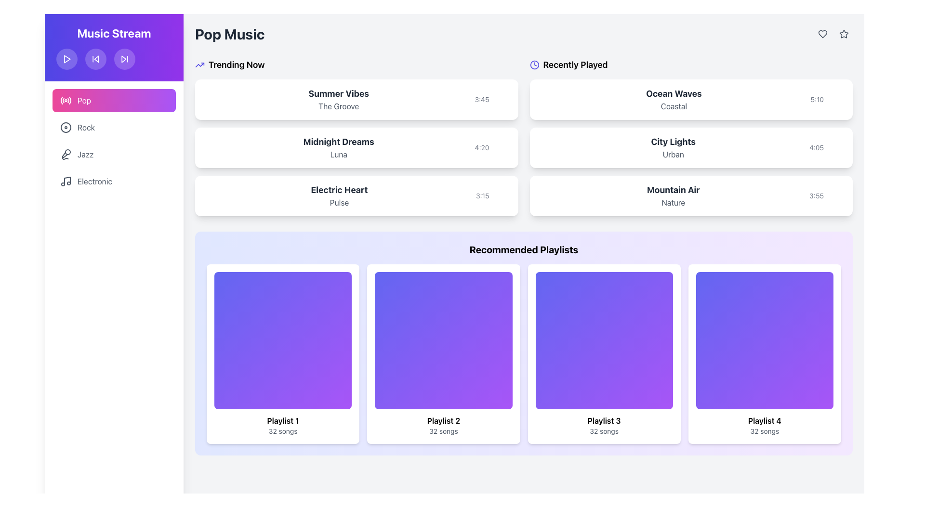 The image size is (925, 520). I want to click on the play button located in the top-left section of the interface, which is the first circular button in the sidebar, so click(66, 59).